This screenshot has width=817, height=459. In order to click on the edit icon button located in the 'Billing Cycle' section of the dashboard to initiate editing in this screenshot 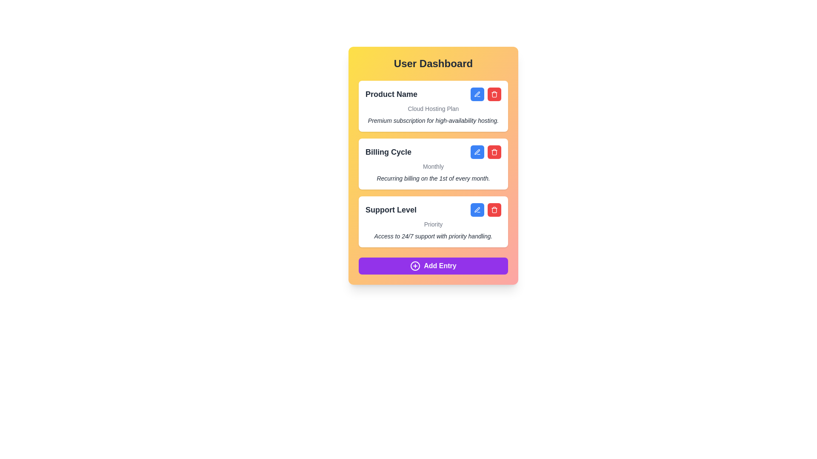, I will do `click(477, 152)`.